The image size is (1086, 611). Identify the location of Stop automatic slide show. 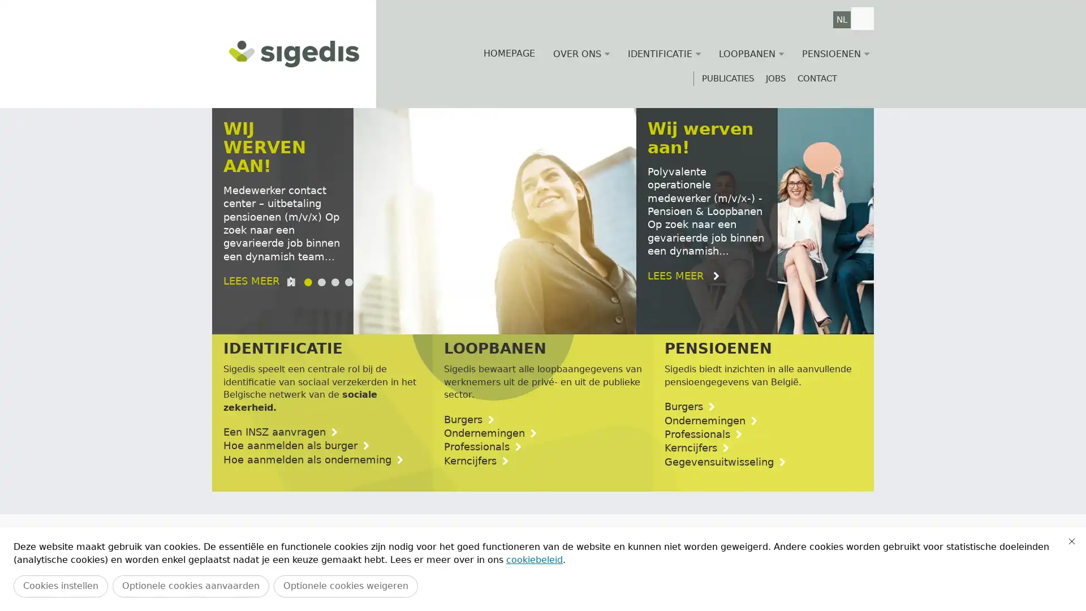
(292, 315).